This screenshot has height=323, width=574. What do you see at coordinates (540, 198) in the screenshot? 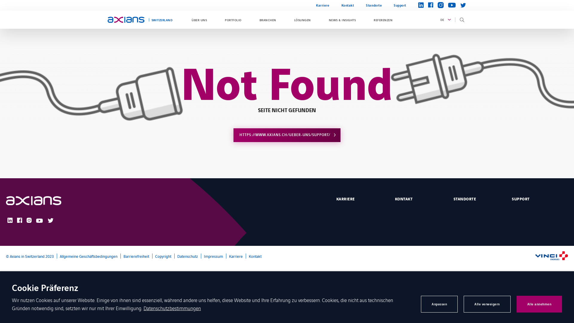
I see `'SUPPORT'` at bounding box center [540, 198].